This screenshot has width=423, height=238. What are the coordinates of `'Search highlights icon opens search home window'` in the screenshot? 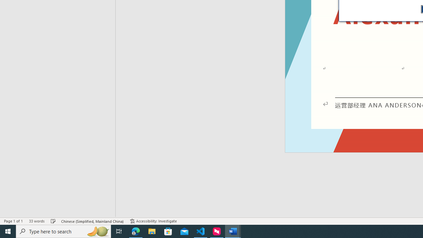 It's located at (97, 231).